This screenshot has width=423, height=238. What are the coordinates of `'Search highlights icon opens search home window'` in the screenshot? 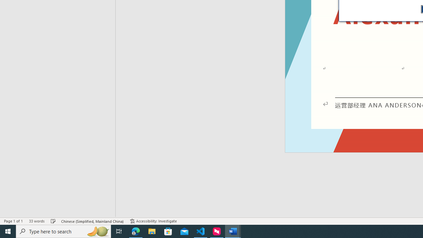 It's located at (97, 231).